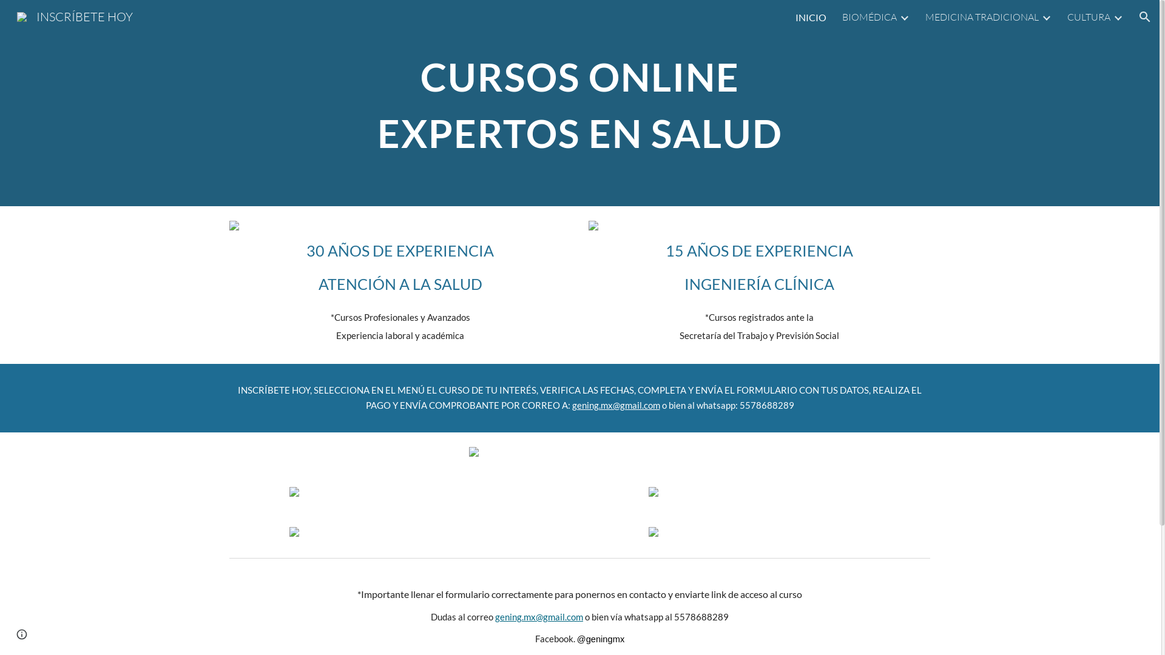  I want to click on 'gening.mx@gmail.com', so click(615, 405).